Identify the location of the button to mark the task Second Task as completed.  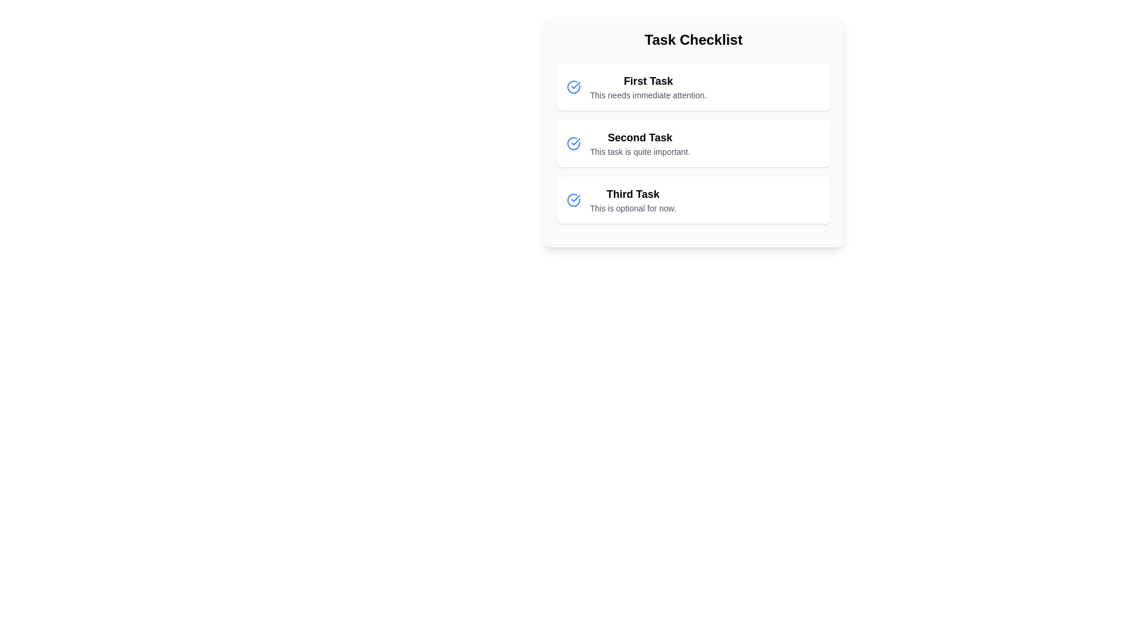
(573, 143).